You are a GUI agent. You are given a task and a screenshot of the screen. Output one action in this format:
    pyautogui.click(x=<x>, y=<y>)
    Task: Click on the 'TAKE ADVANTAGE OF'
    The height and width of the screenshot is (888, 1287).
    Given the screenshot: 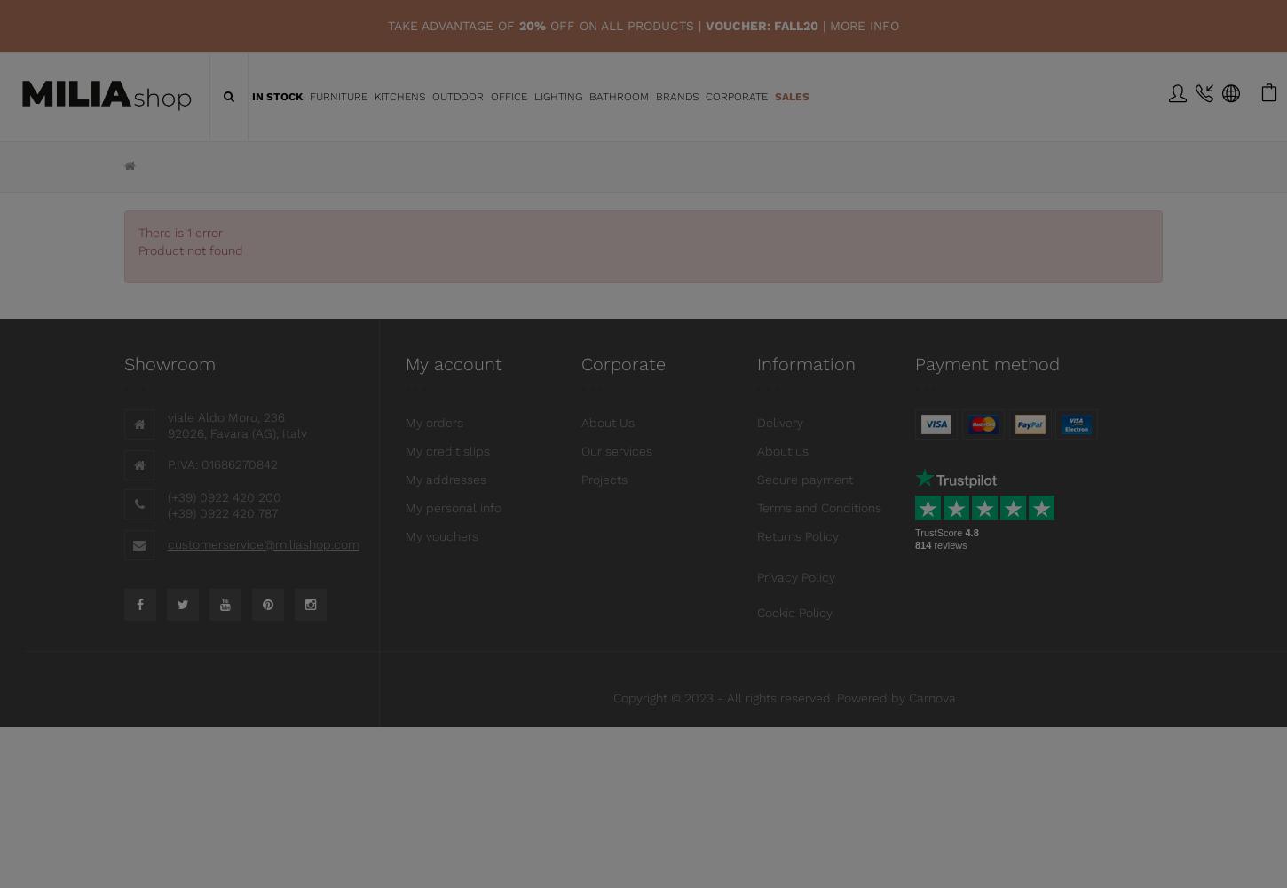 What is the action you would take?
    pyautogui.click(x=453, y=26)
    